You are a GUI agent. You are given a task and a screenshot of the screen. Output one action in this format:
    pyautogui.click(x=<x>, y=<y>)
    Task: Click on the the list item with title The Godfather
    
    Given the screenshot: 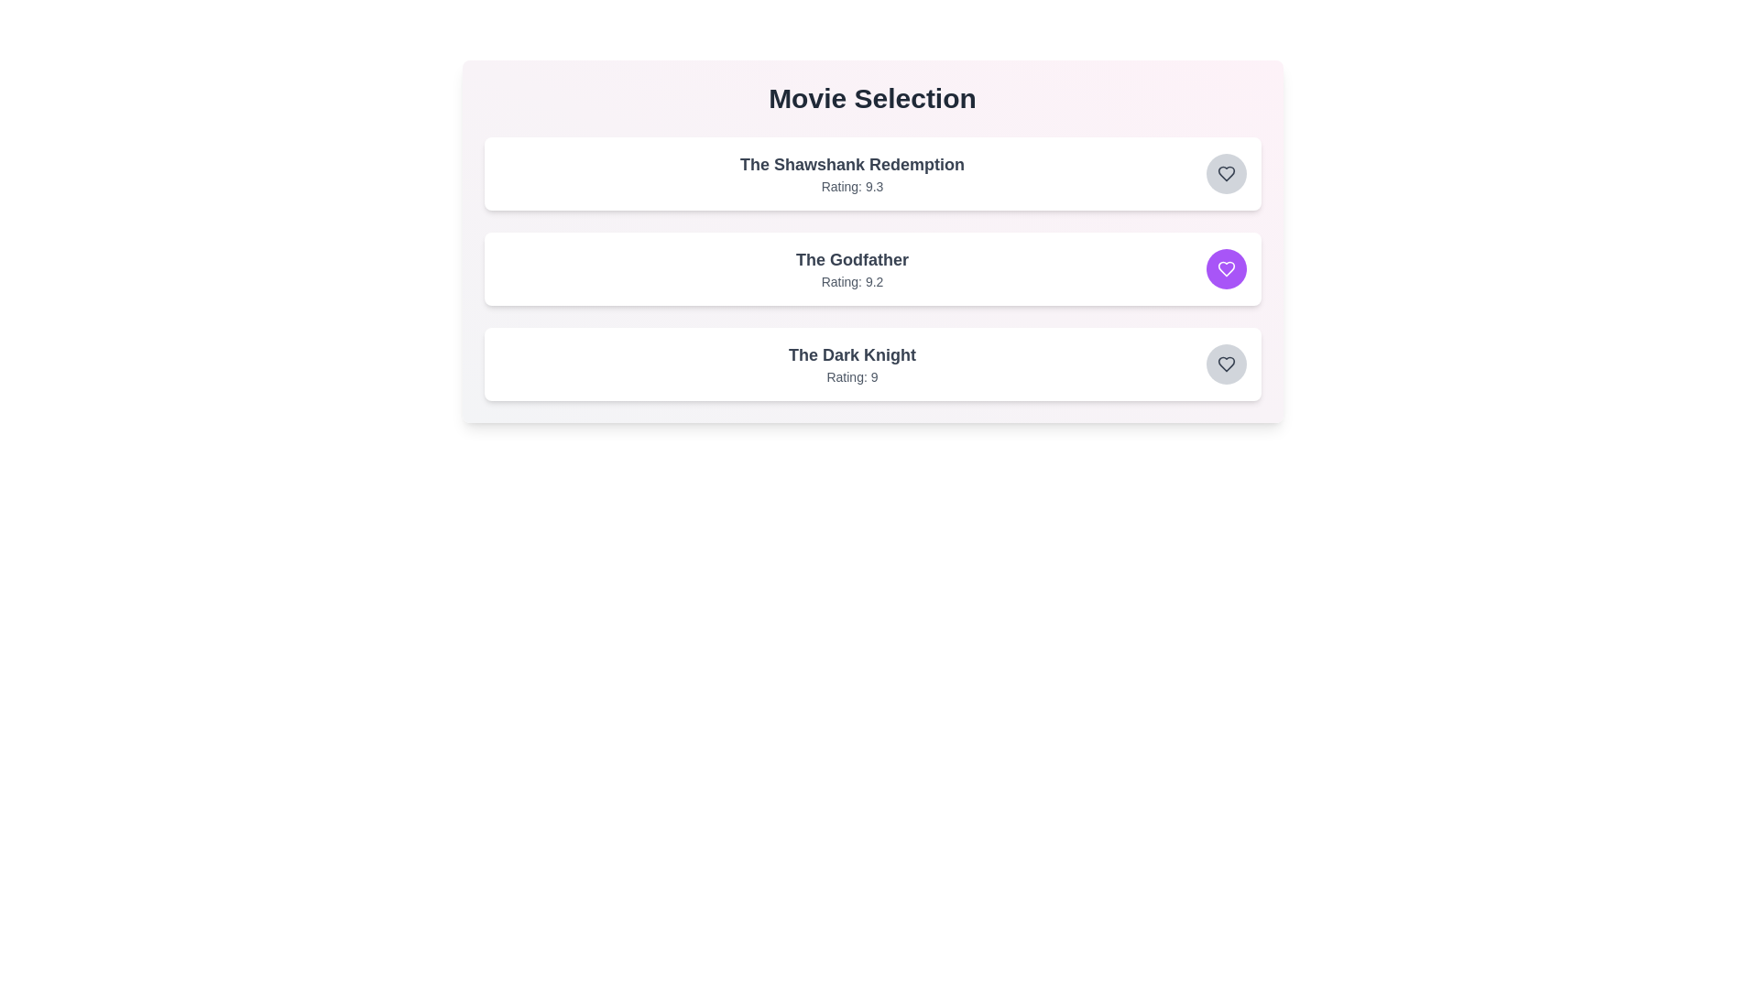 What is the action you would take?
    pyautogui.click(x=851, y=260)
    